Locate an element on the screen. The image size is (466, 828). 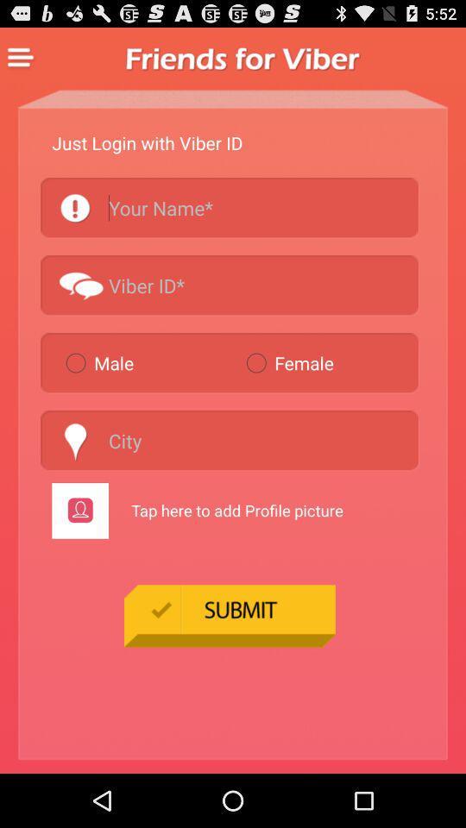
viber id is located at coordinates (230, 285).